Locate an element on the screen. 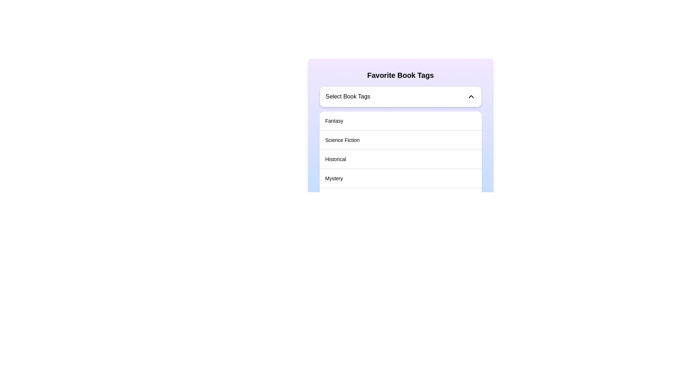 The image size is (695, 391). the fourth list item labeled 'Mystery' in the 'Favorite Book Tags' section is located at coordinates (400, 178).